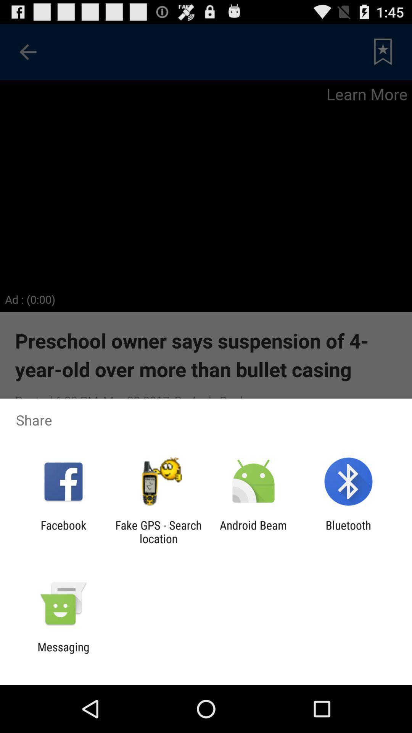 This screenshot has height=733, width=412. I want to click on facebook icon, so click(63, 531).